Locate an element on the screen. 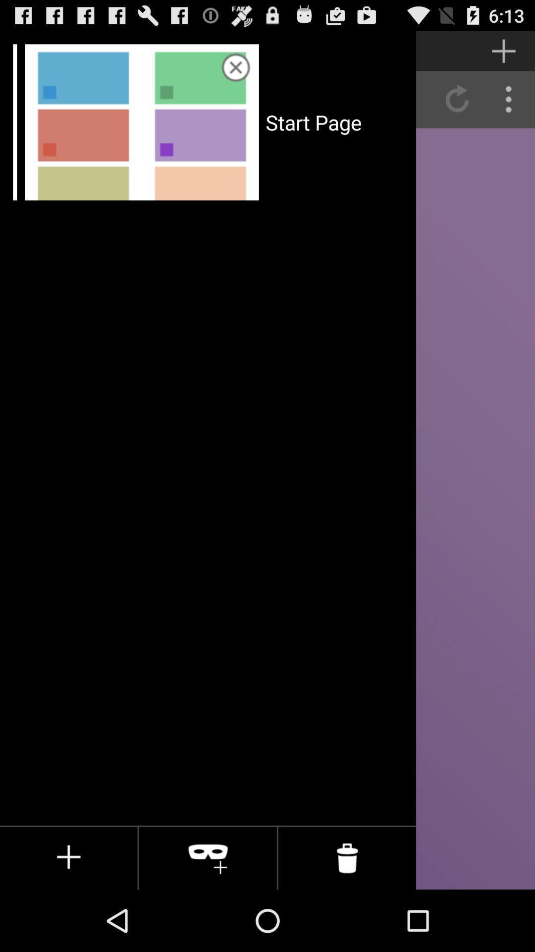  the icon on the right side of is located at coordinates (208, 858).